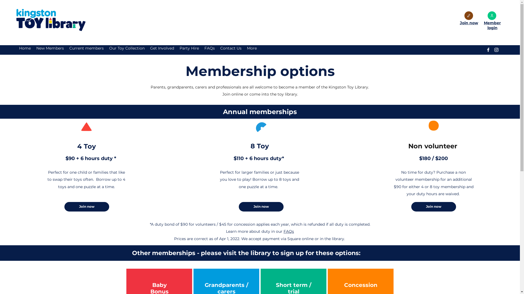  Describe the element at coordinates (86, 50) in the screenshot. I see `'Current members'` at that location.